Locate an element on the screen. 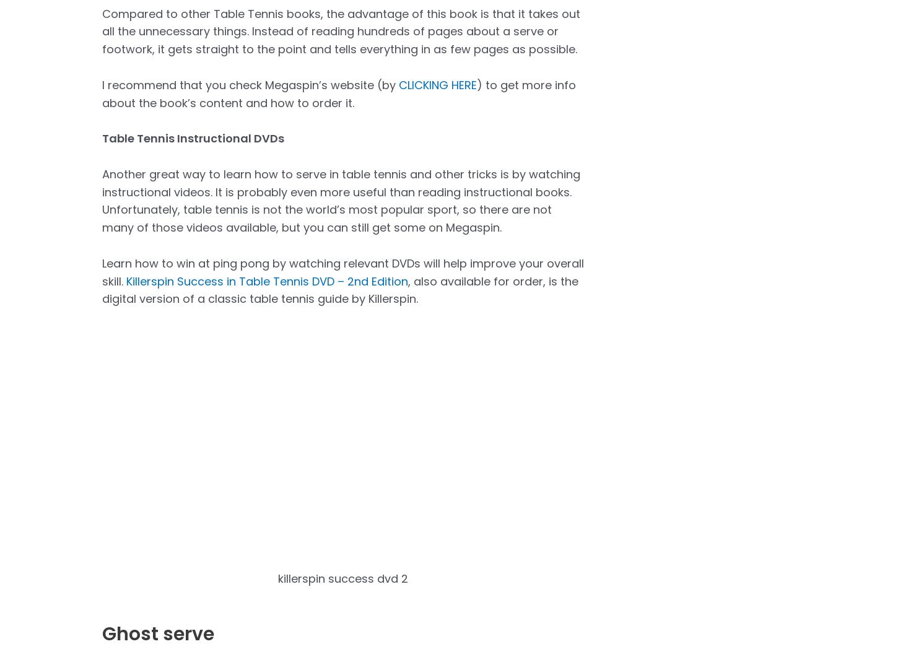  'I recommend that you check Megaspin’s website (by' is located at coordinates (250, 84).